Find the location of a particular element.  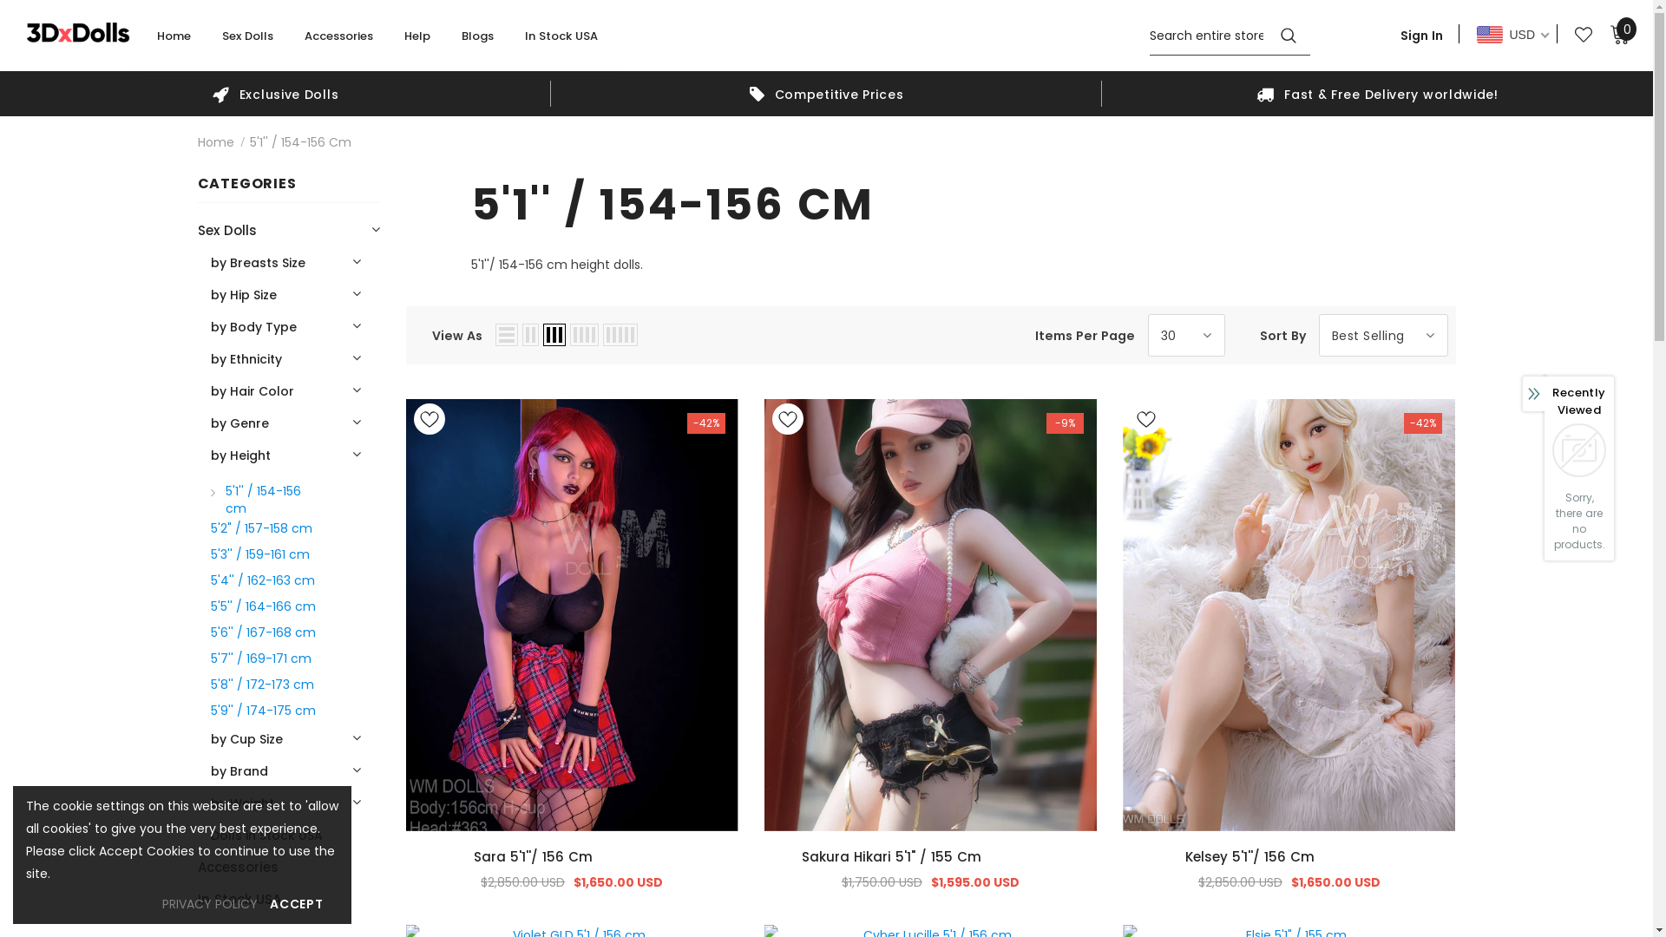

'Kelsey 5'1''/ 156 Cm' is located at coordinates (1289, 855).